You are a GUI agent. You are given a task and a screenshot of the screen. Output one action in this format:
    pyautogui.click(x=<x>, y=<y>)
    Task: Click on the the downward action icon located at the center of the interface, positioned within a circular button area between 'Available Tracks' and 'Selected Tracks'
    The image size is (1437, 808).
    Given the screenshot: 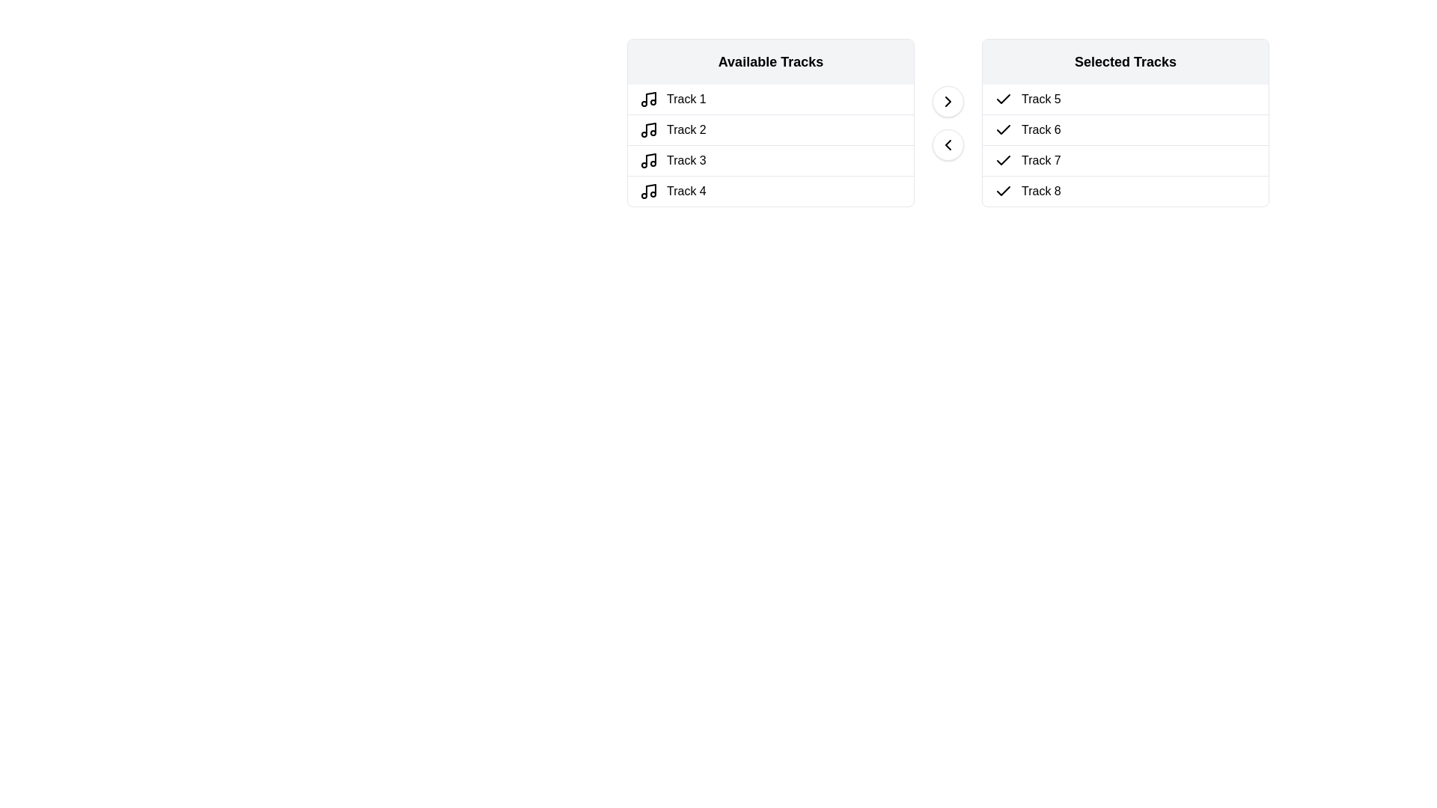 What is the action you would take?
    pyautogui.click(x=948, y=144)
    